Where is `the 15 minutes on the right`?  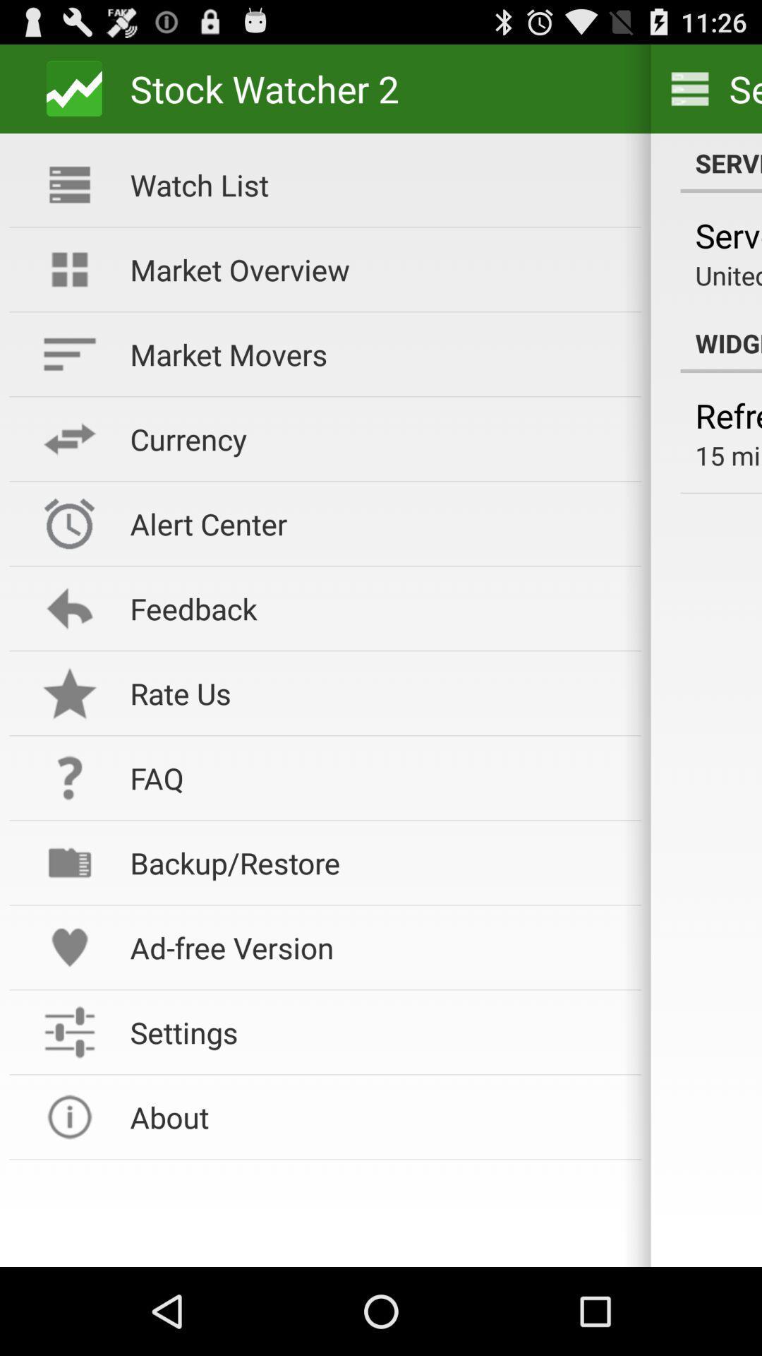
the 15 minutes on the right is located at coordinates (728, 455).